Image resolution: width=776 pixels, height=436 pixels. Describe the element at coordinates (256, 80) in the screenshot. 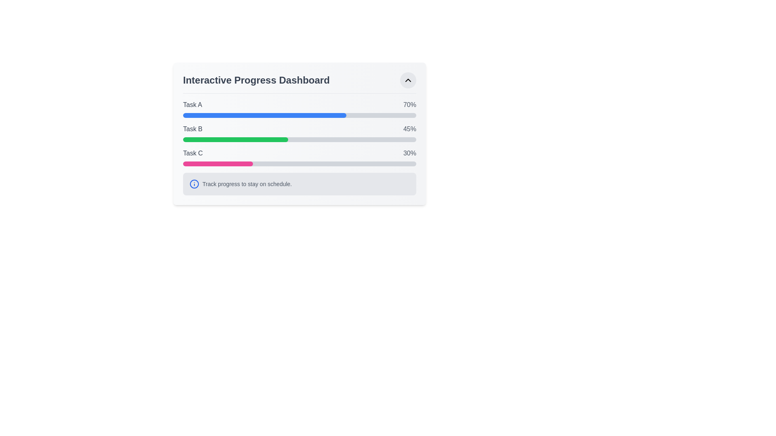

I see `the 'Interactive Progress Dashboard' text label` at that location.